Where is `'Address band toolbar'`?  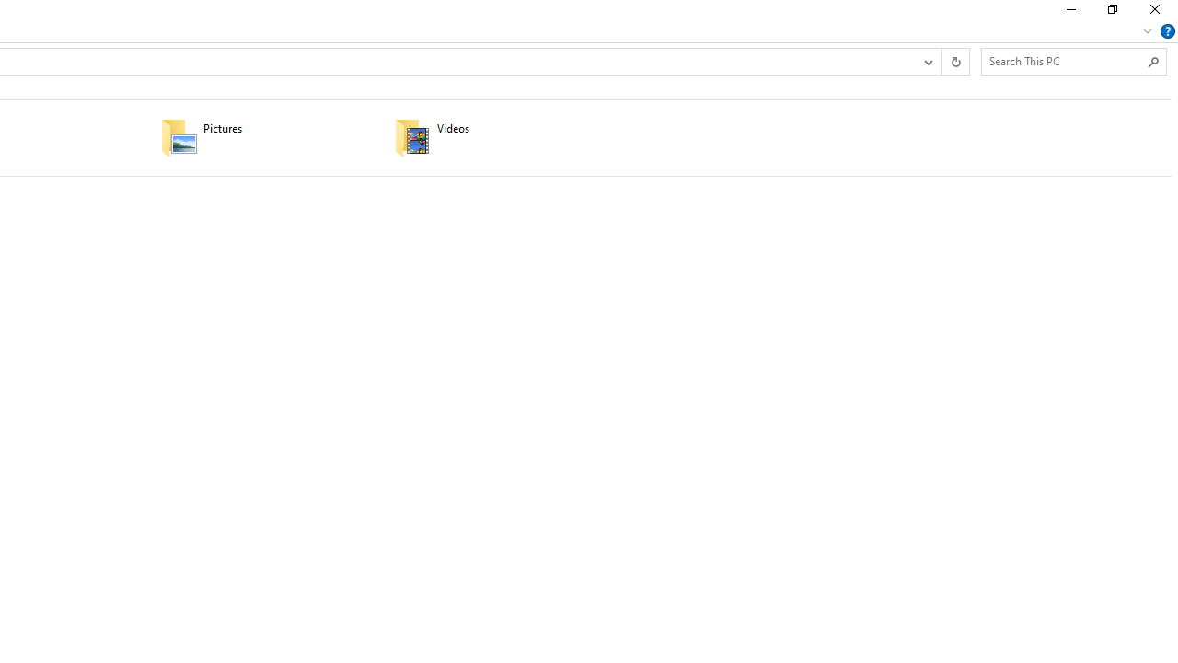 'Address band toolbar' is located at coordinates (941, 60).